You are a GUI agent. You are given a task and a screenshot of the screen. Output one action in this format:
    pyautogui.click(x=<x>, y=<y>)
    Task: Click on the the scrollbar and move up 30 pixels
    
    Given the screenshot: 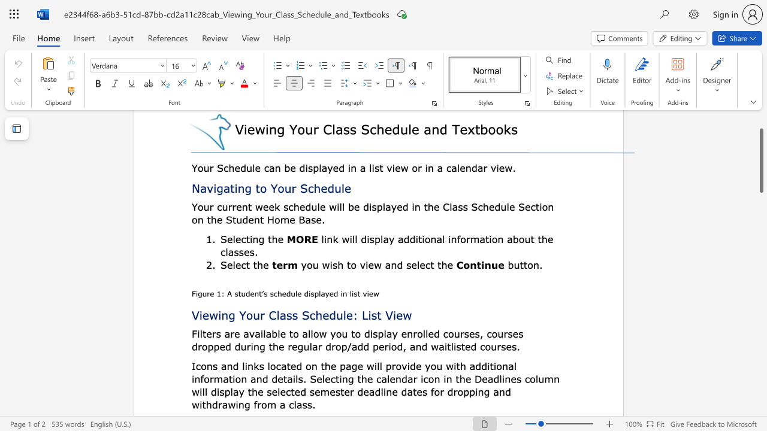 What is the action you would take?
    pyautogui.click(x=760, y=160)
    